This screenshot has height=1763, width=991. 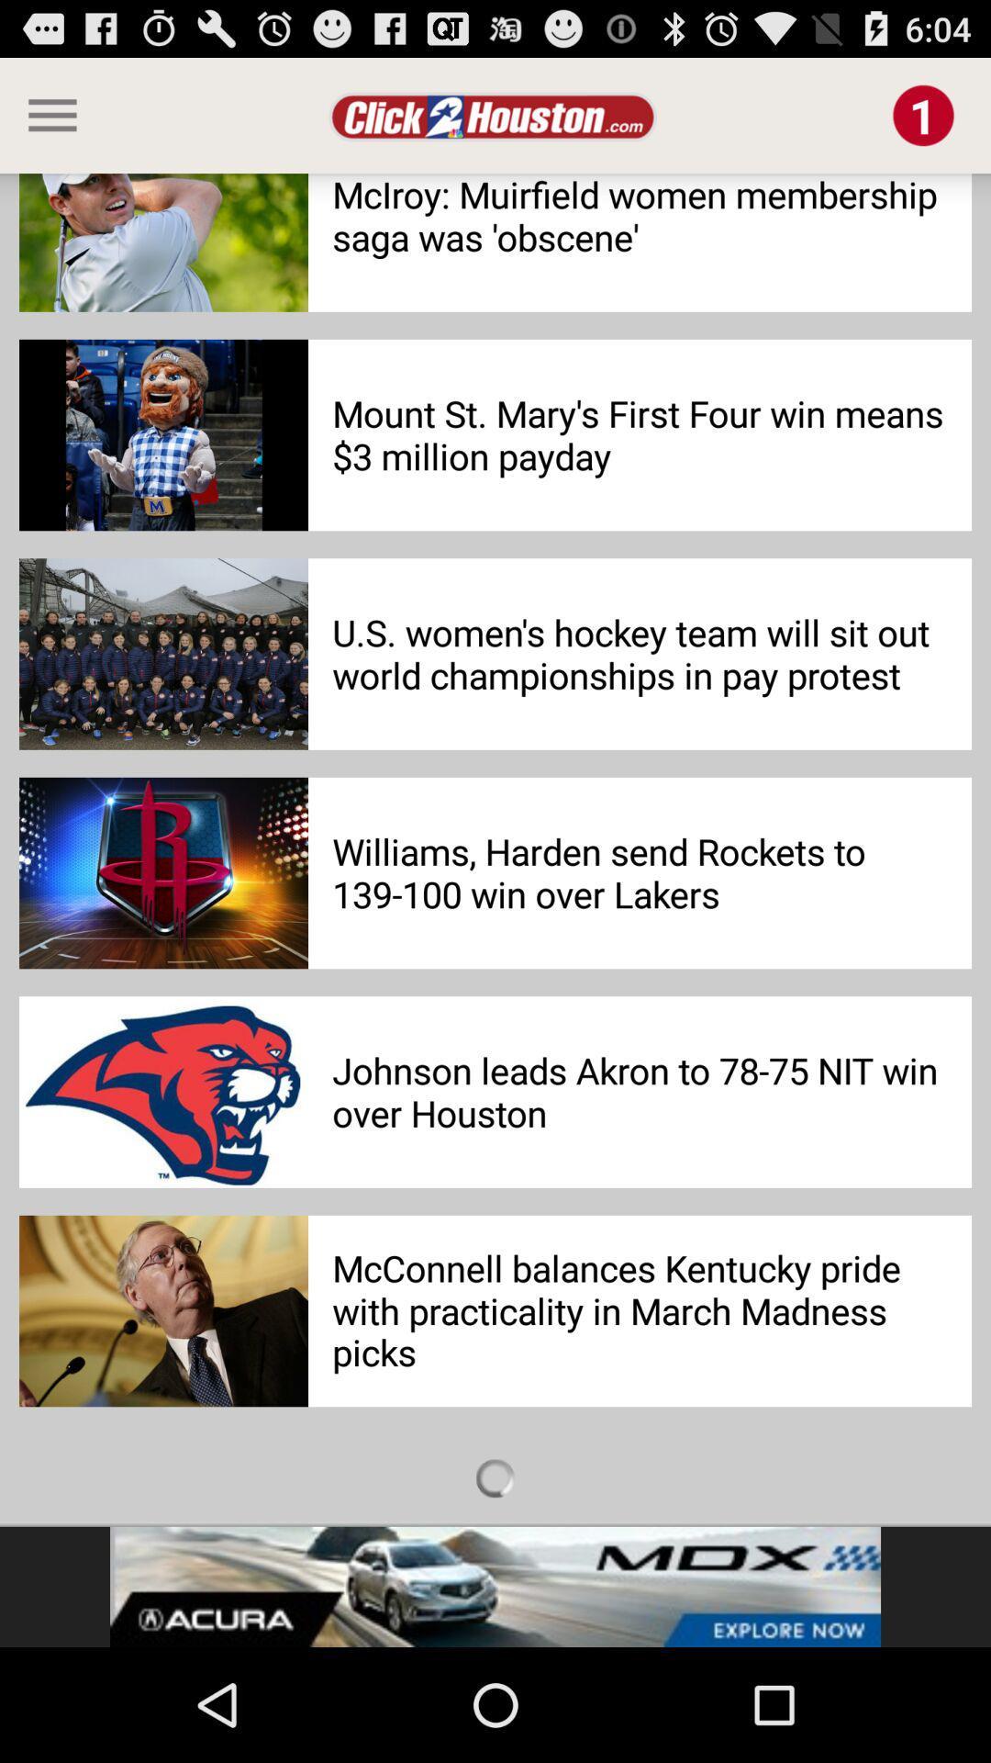 I want to click on the first image beside mclroy, so click(x=162, y=241).